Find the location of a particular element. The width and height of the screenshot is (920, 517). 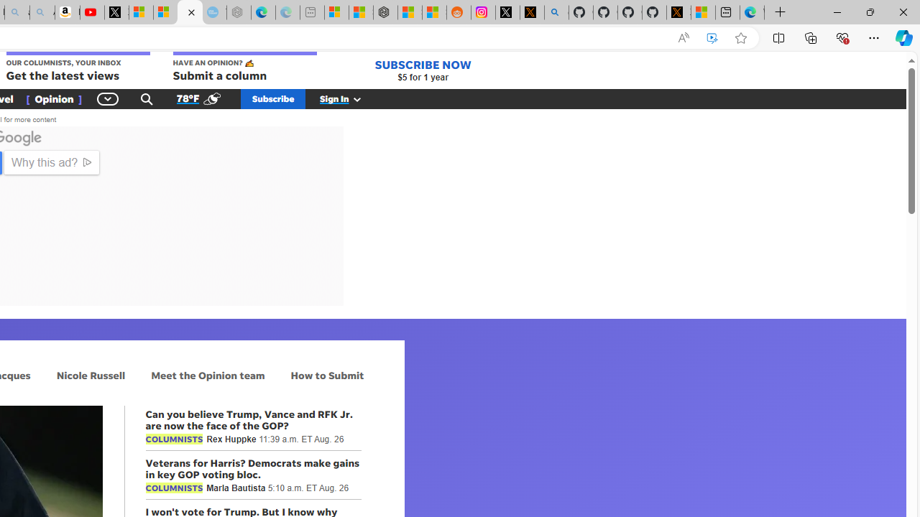

'Amazon Echo Dot PNG - Search Images - Sleeping' is located at coordinates (42, 12).